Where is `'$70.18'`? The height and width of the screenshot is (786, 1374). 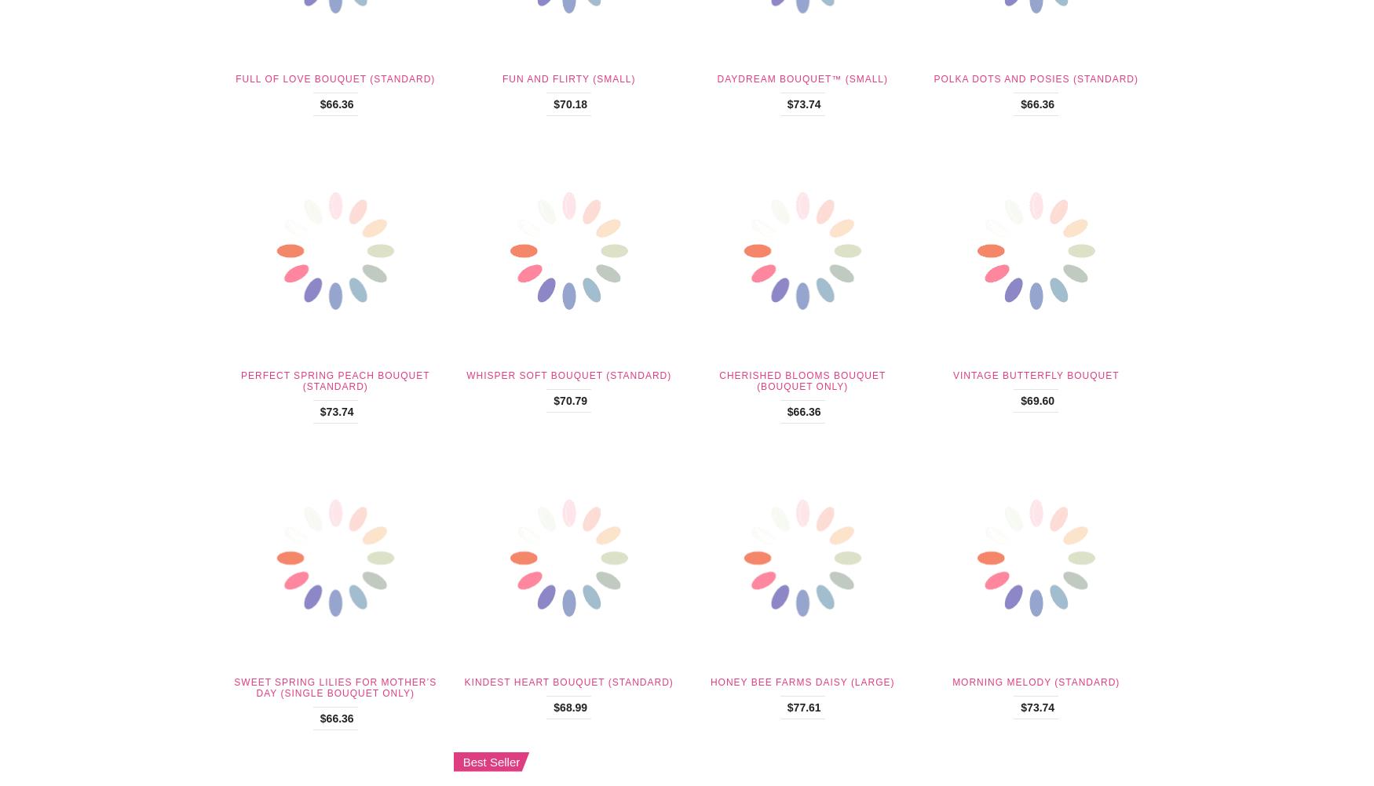 '$70.18' is located at coordinates (570, 103).